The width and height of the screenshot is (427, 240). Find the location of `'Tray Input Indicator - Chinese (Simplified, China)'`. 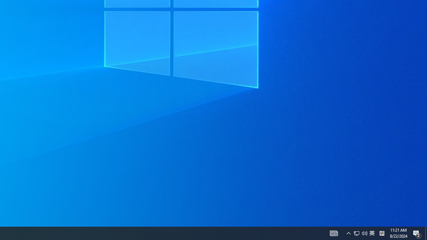

'Tray Input Indicator - Chinese (Simplified, China)' is located at coordinates (360, 233).